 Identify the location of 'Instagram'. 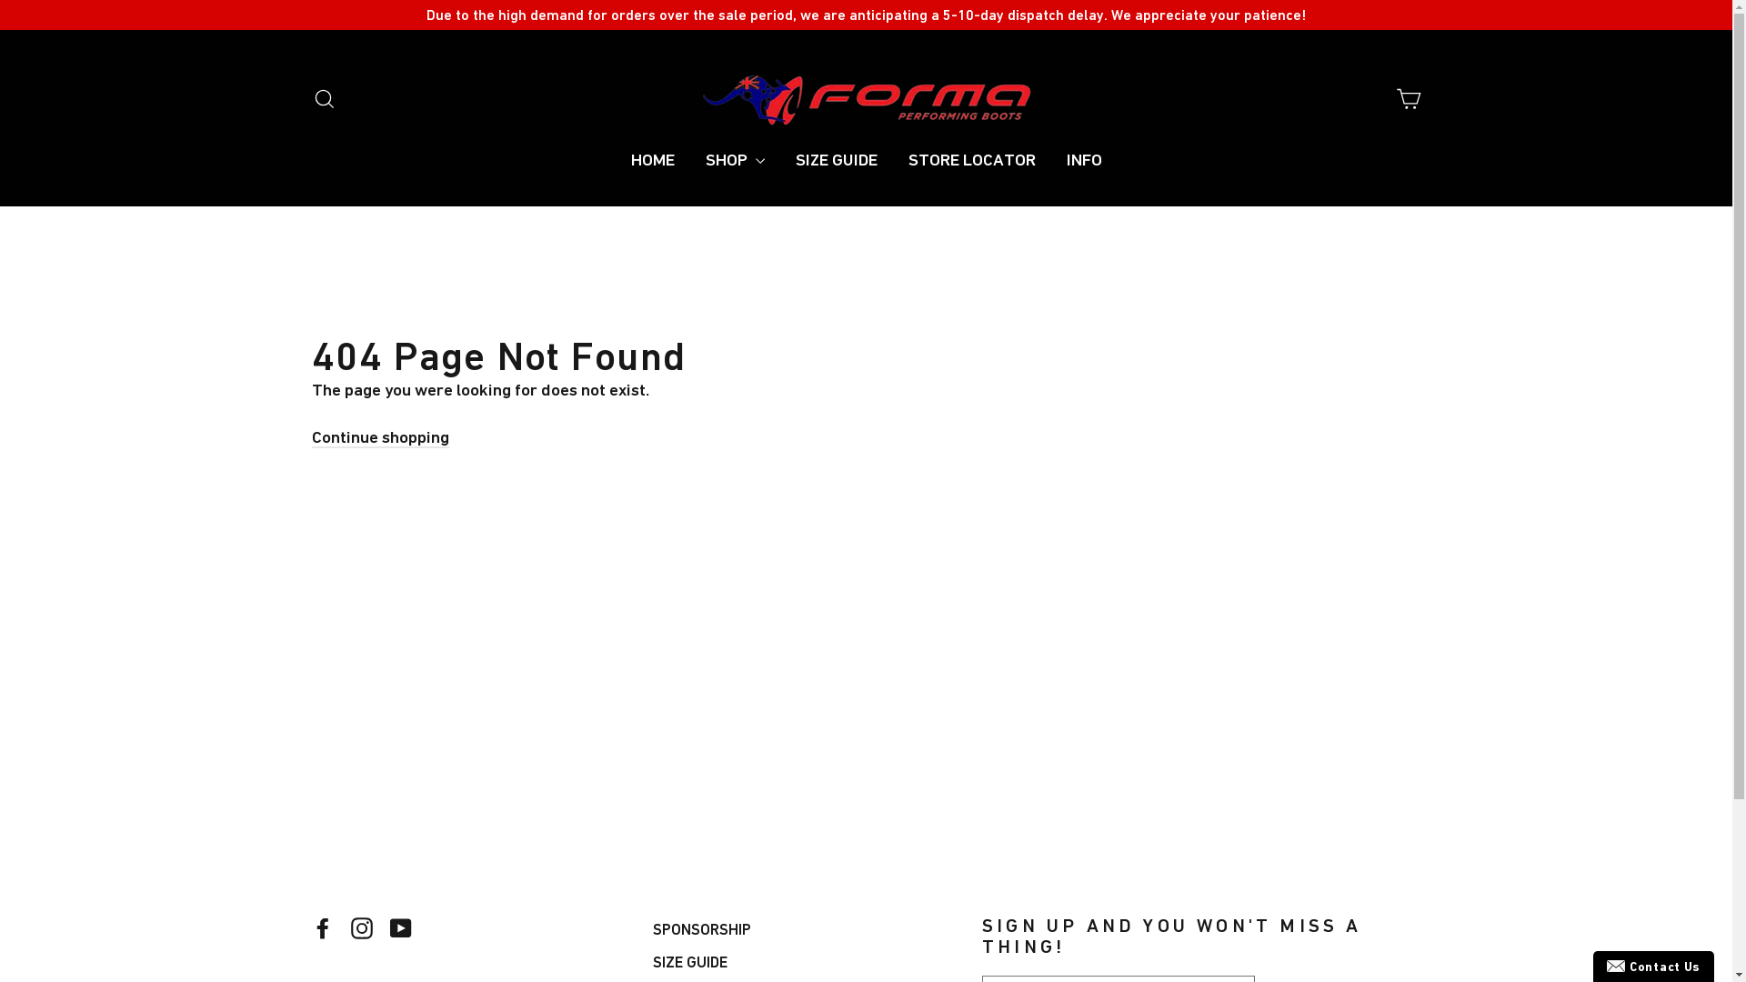
(362, 927).